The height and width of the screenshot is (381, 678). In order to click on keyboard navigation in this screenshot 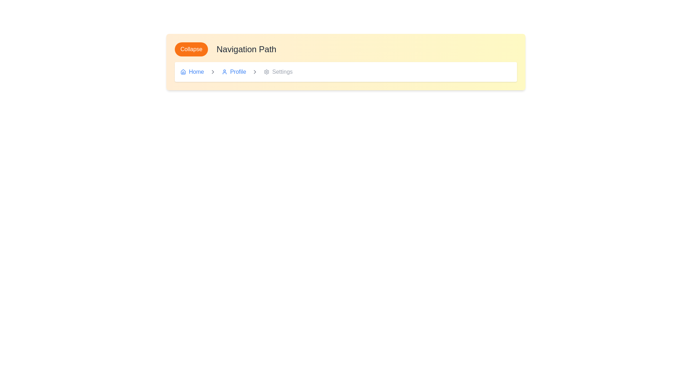, I will do `click(255, 72)`.